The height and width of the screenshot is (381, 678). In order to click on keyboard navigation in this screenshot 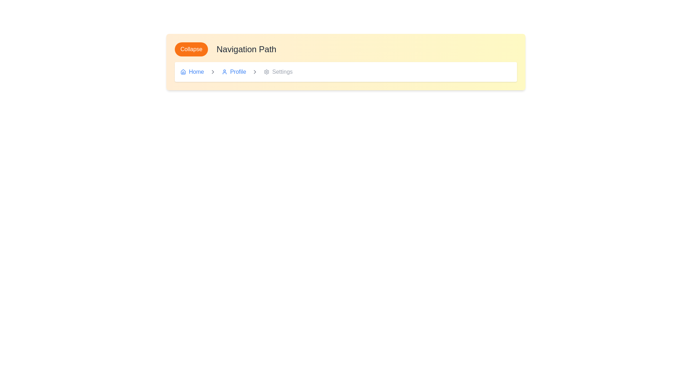, I will do `click(255, 72)`.